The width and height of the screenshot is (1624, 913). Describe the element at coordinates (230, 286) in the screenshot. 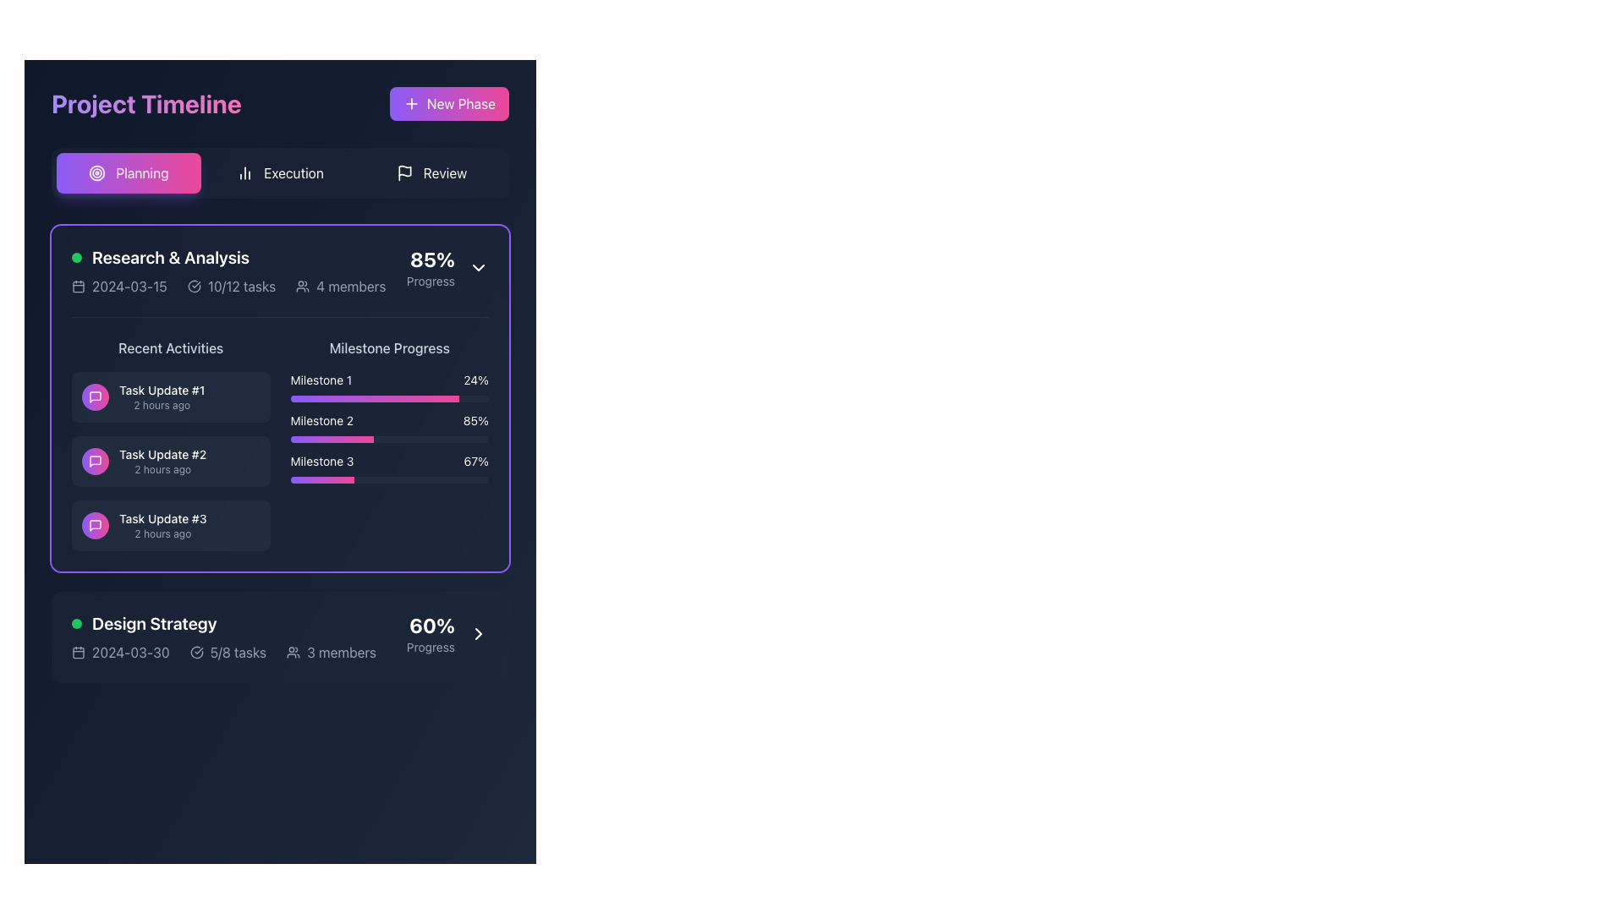

I see `the informational text element displaying '10/12 tasks' with a tick mark icon, located centrally in the header of the 'Research & Analysis' section` at that location.